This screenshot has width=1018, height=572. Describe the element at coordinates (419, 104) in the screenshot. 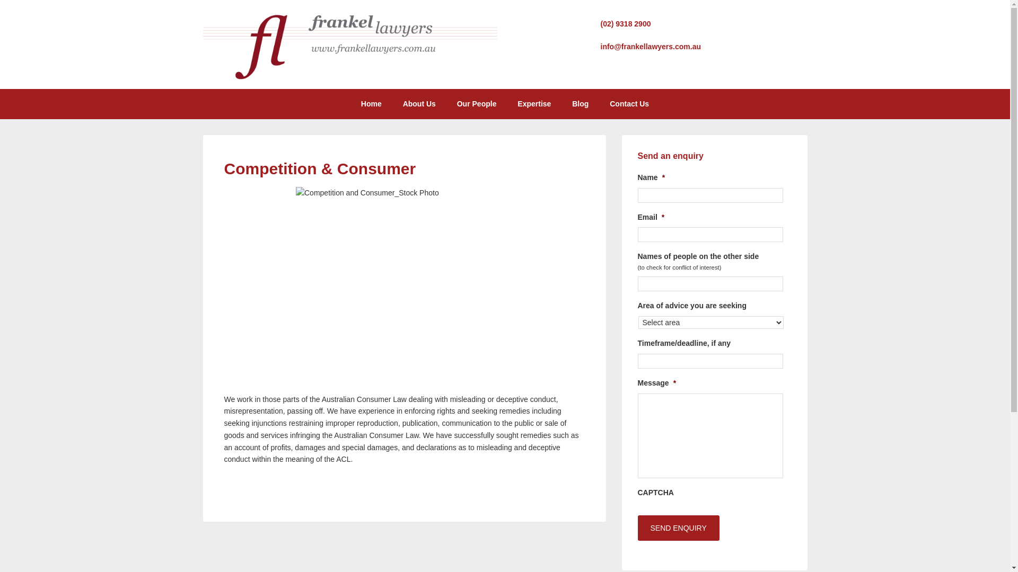

I see `'About Us'` at that location.